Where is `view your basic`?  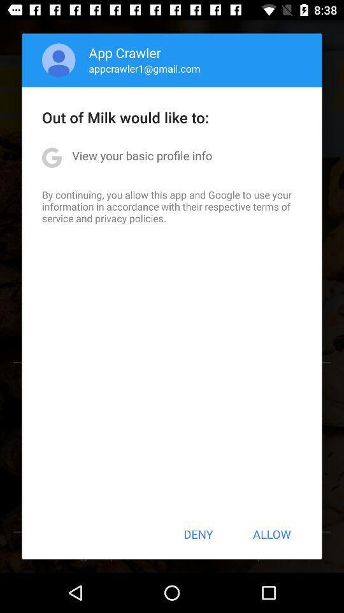
view your basic is located at coordinates (141, 155).